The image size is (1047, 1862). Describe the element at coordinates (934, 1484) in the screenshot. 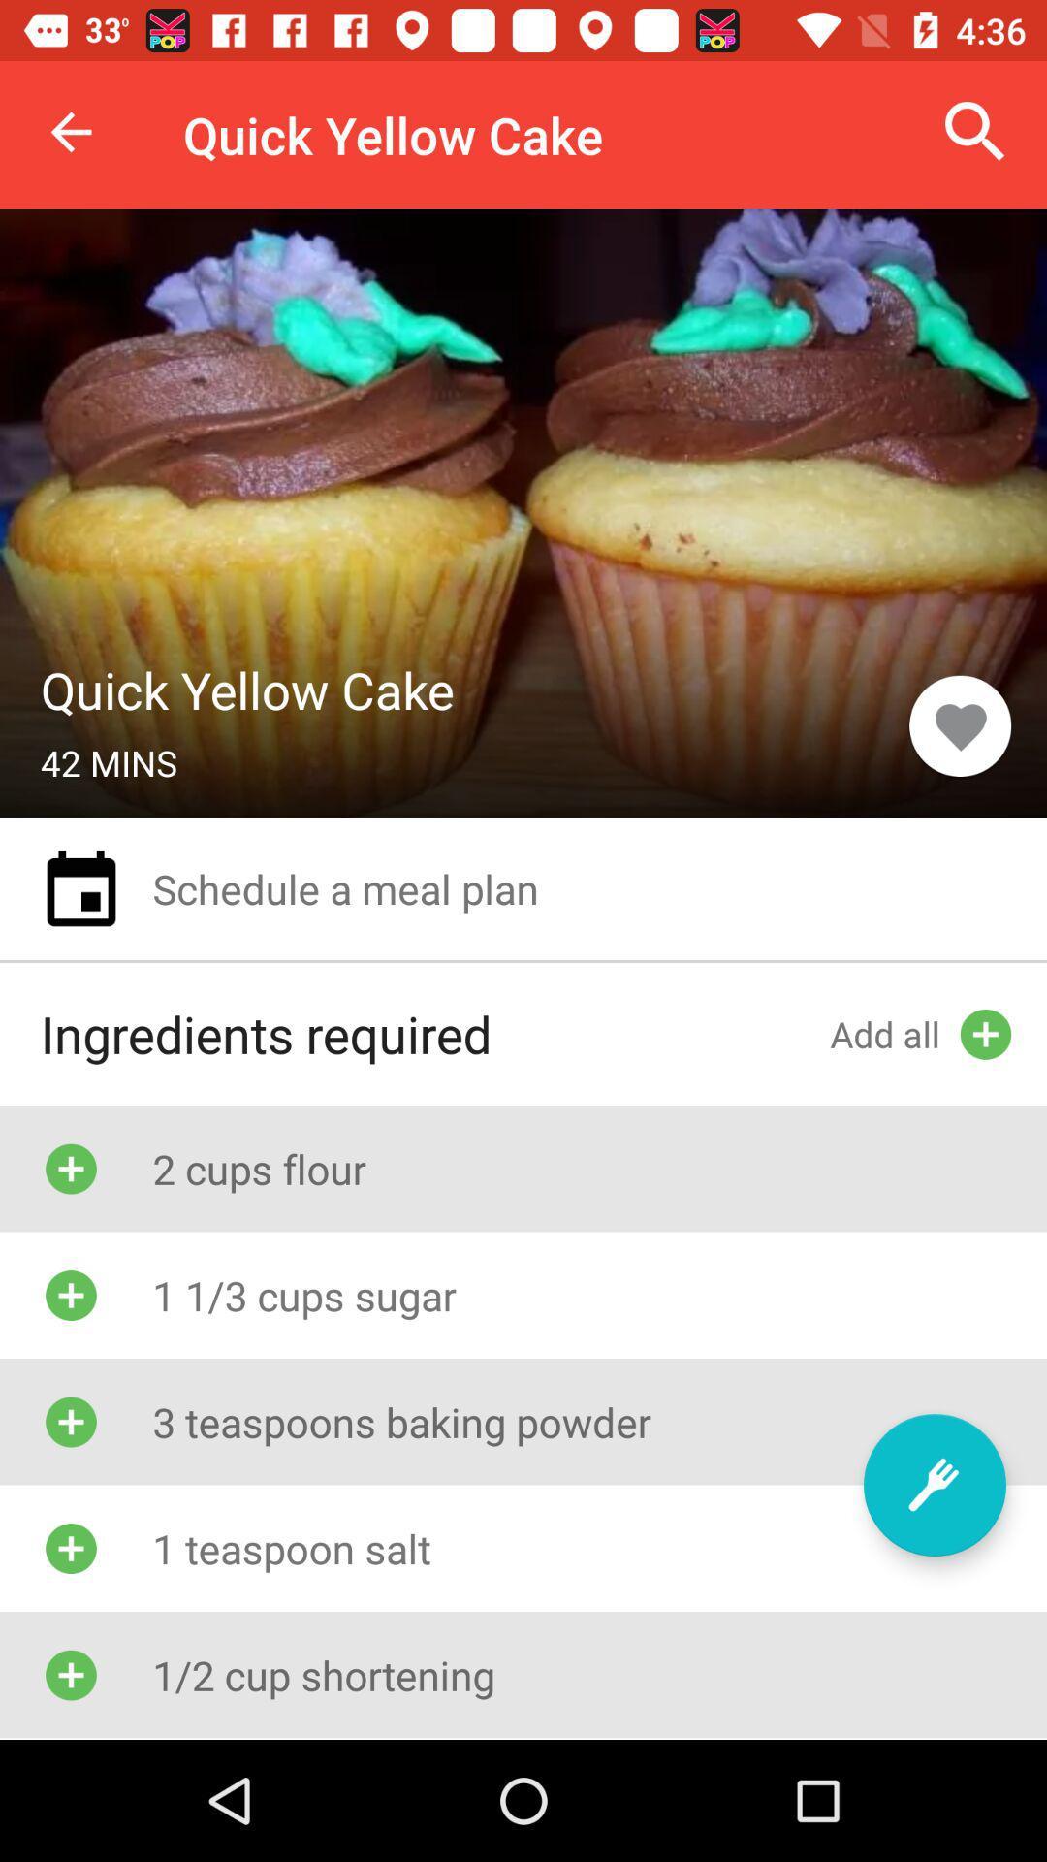

I see `the icon which is to the right side of the teaspoon salt` at that location.